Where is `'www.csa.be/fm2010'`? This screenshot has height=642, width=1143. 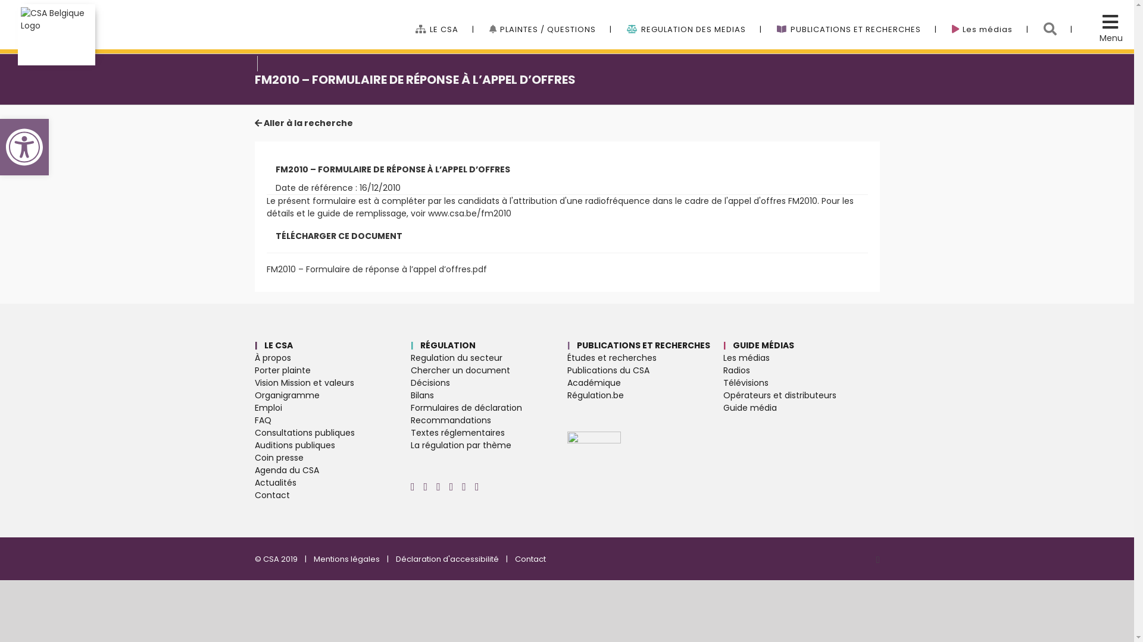
'www.csa.be/fm2010' is located at coordinates (427, 212).